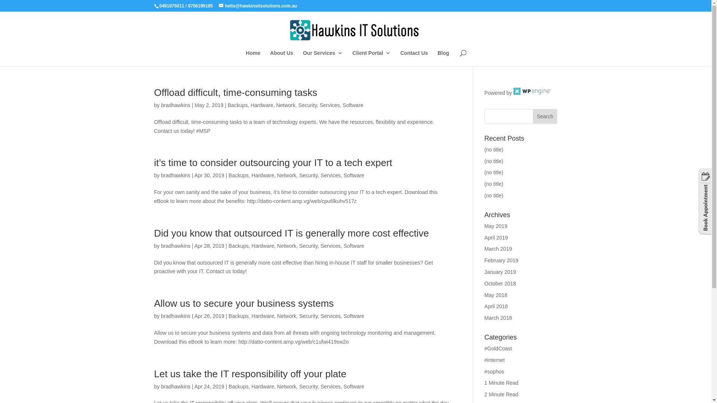 The width and height of the screenshot is (717, 403). What do you see at coordinates (484, 184) in the screenshot?
I see `'(no title)'` at bounding box center [484, 184].